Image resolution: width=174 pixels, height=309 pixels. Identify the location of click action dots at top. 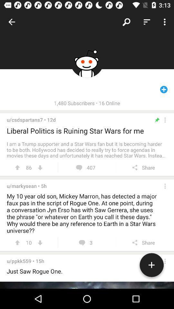
(165, 119).